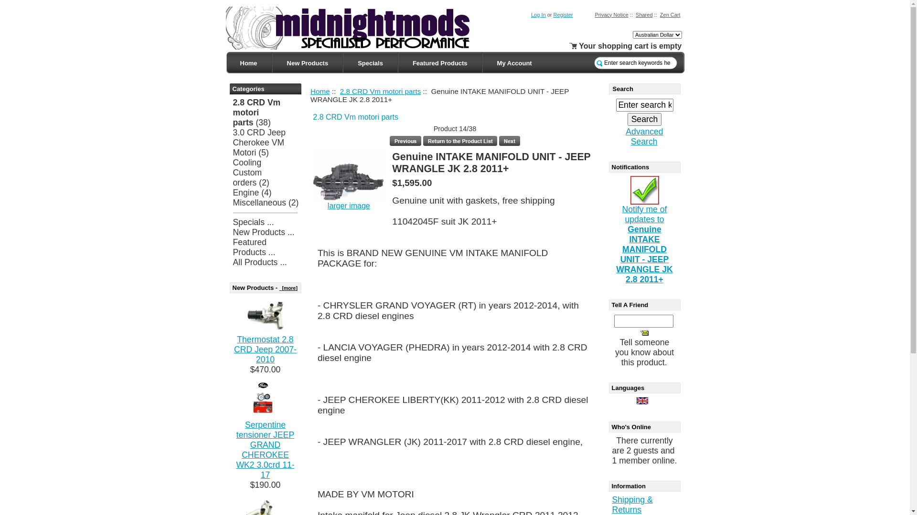 The height and width of the screenshot is (515, 917). Describe the element at coordinates (380, 91) in the screenshot. I see `'2.8 CRD Vm motori parts'` at that location.